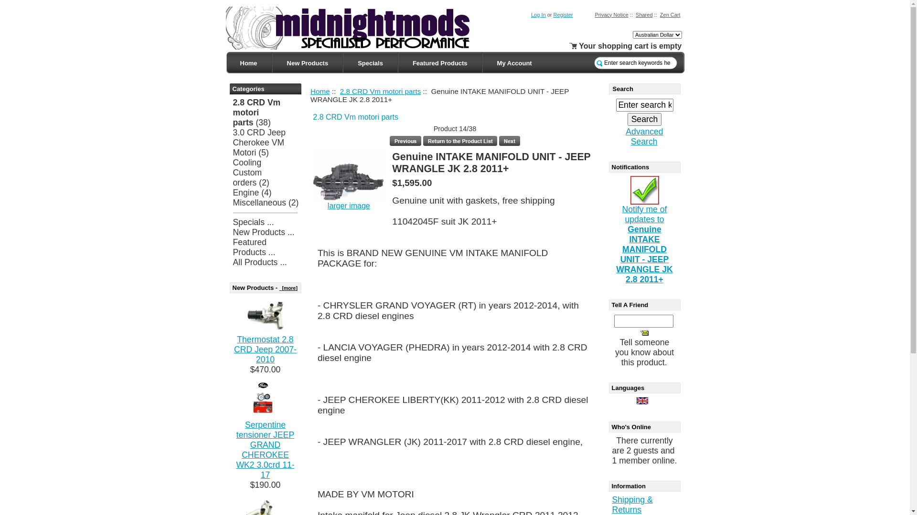 The height and width of the screenshot is (515, 917). Describe the element at coordinates (380, 91) in the screenshot. I see `'2.8 CRD Vm motori parts'` at that location.